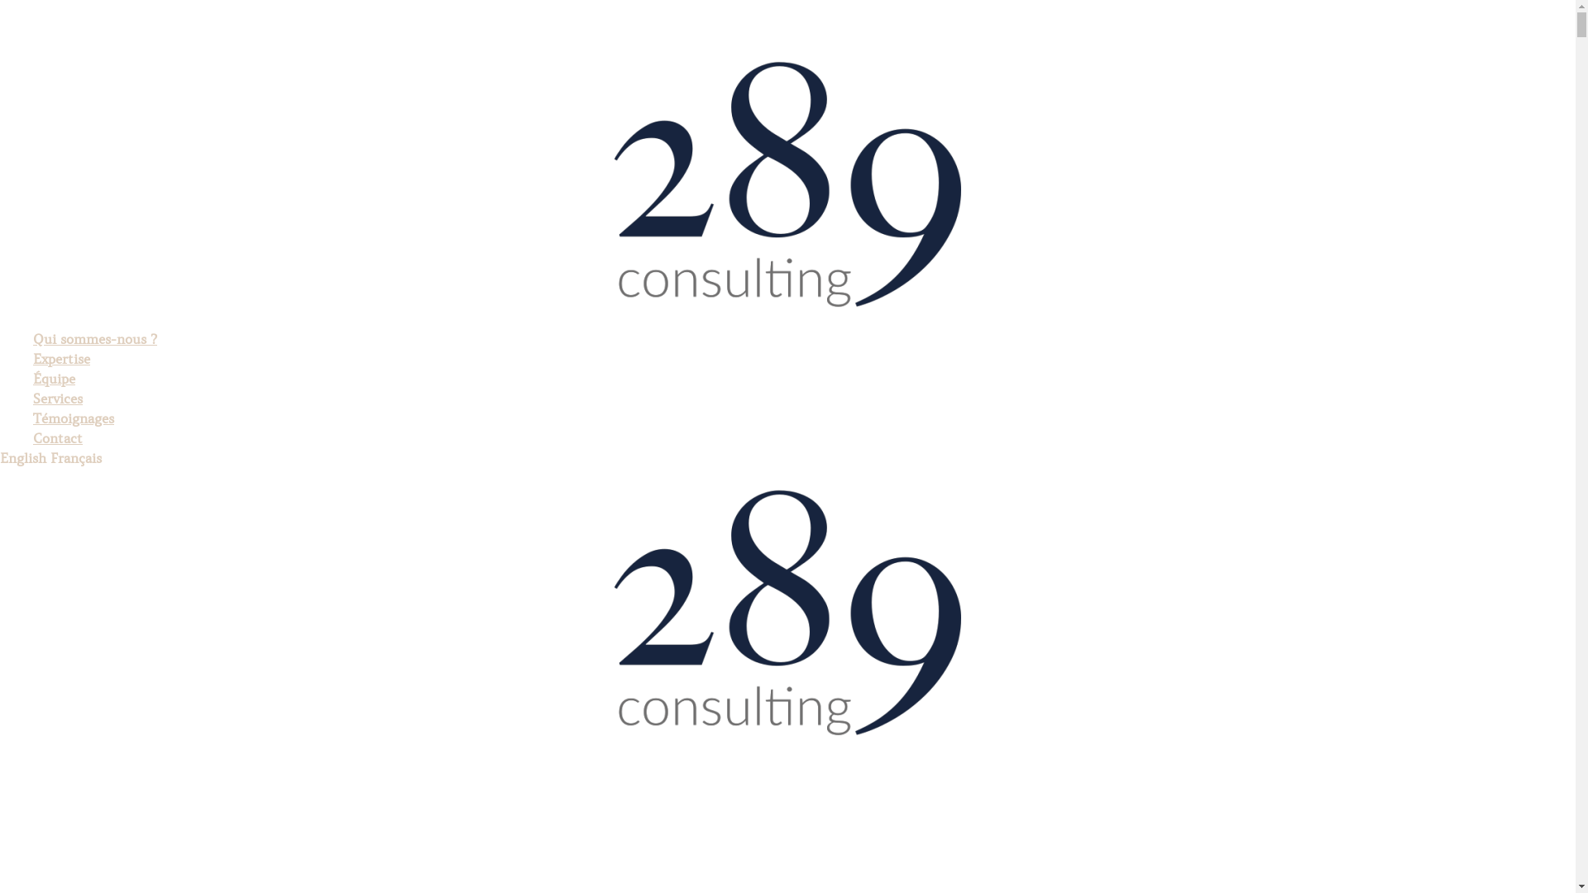 The height and width of the screenshot is (893, 1588). Describe the element at coordinates (0, 0) in the screenshot. I see `'Aller au contenu'` at that location.